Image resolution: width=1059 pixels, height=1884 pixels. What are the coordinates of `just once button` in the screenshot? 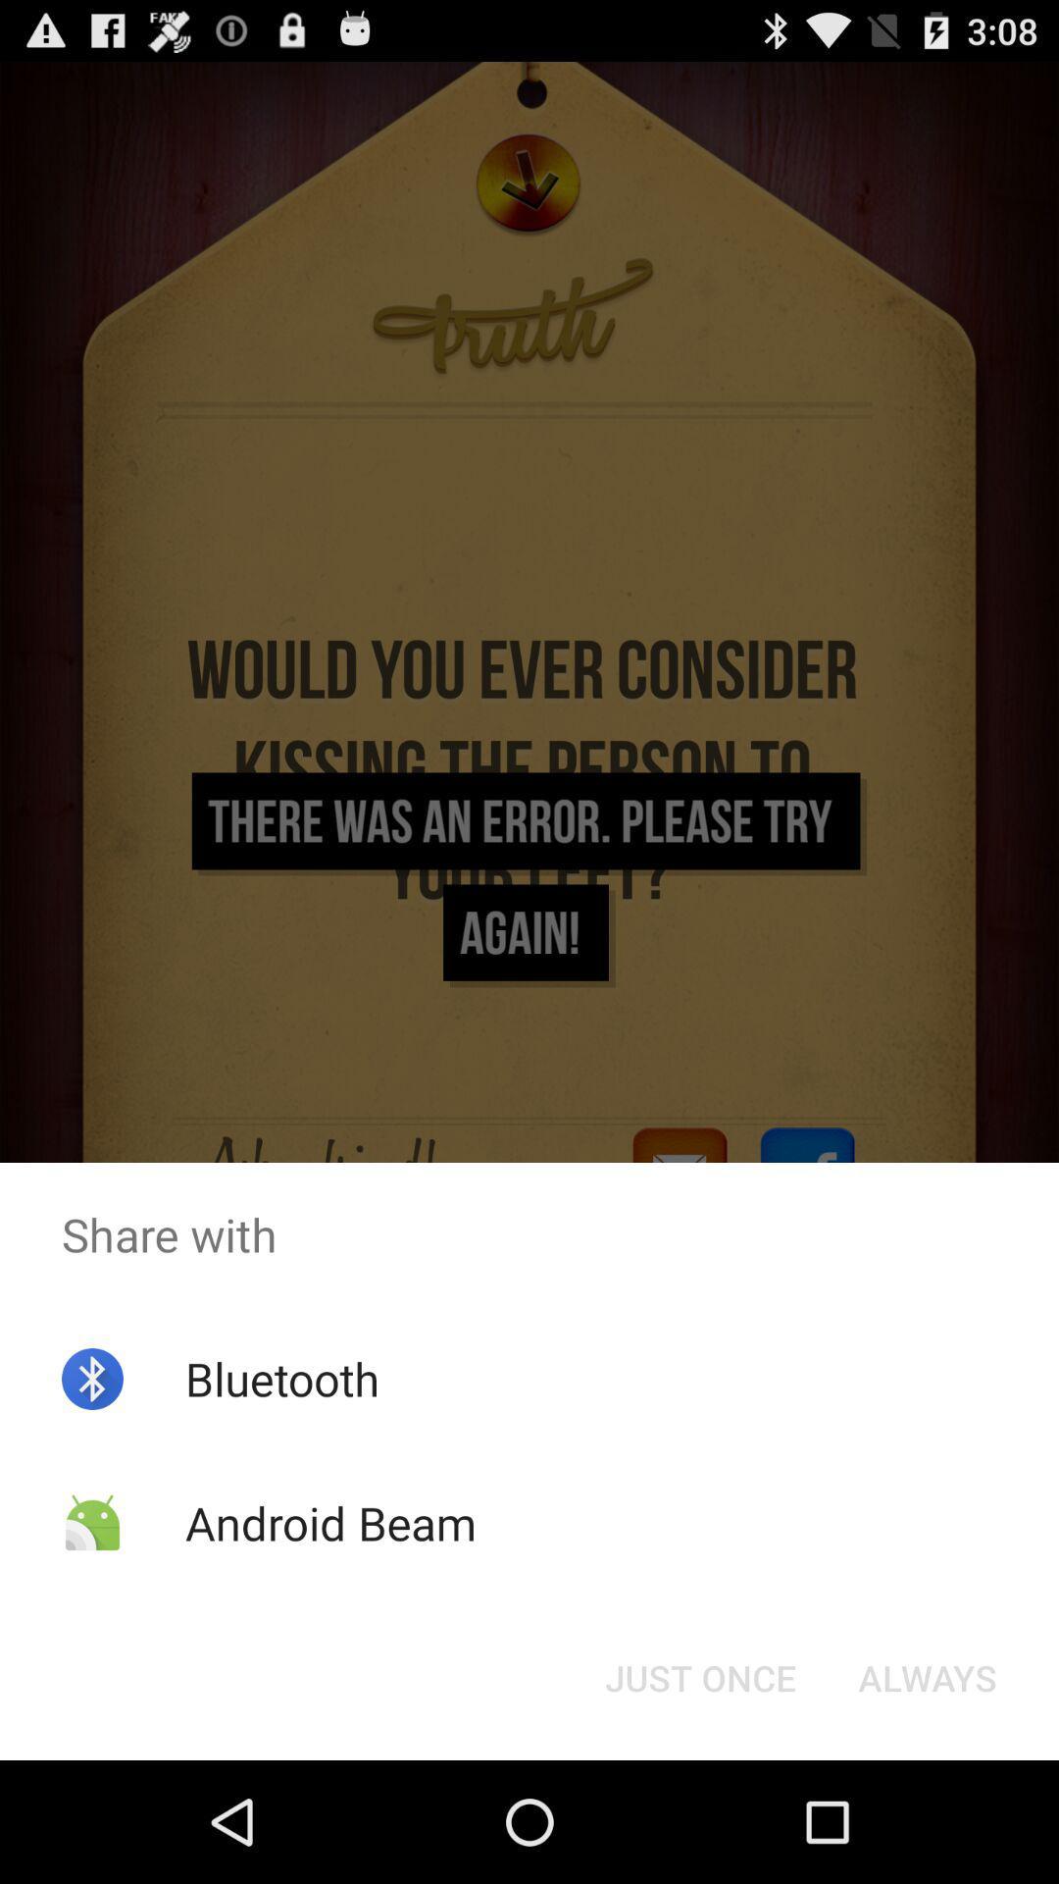 It's located at (699, 1676).